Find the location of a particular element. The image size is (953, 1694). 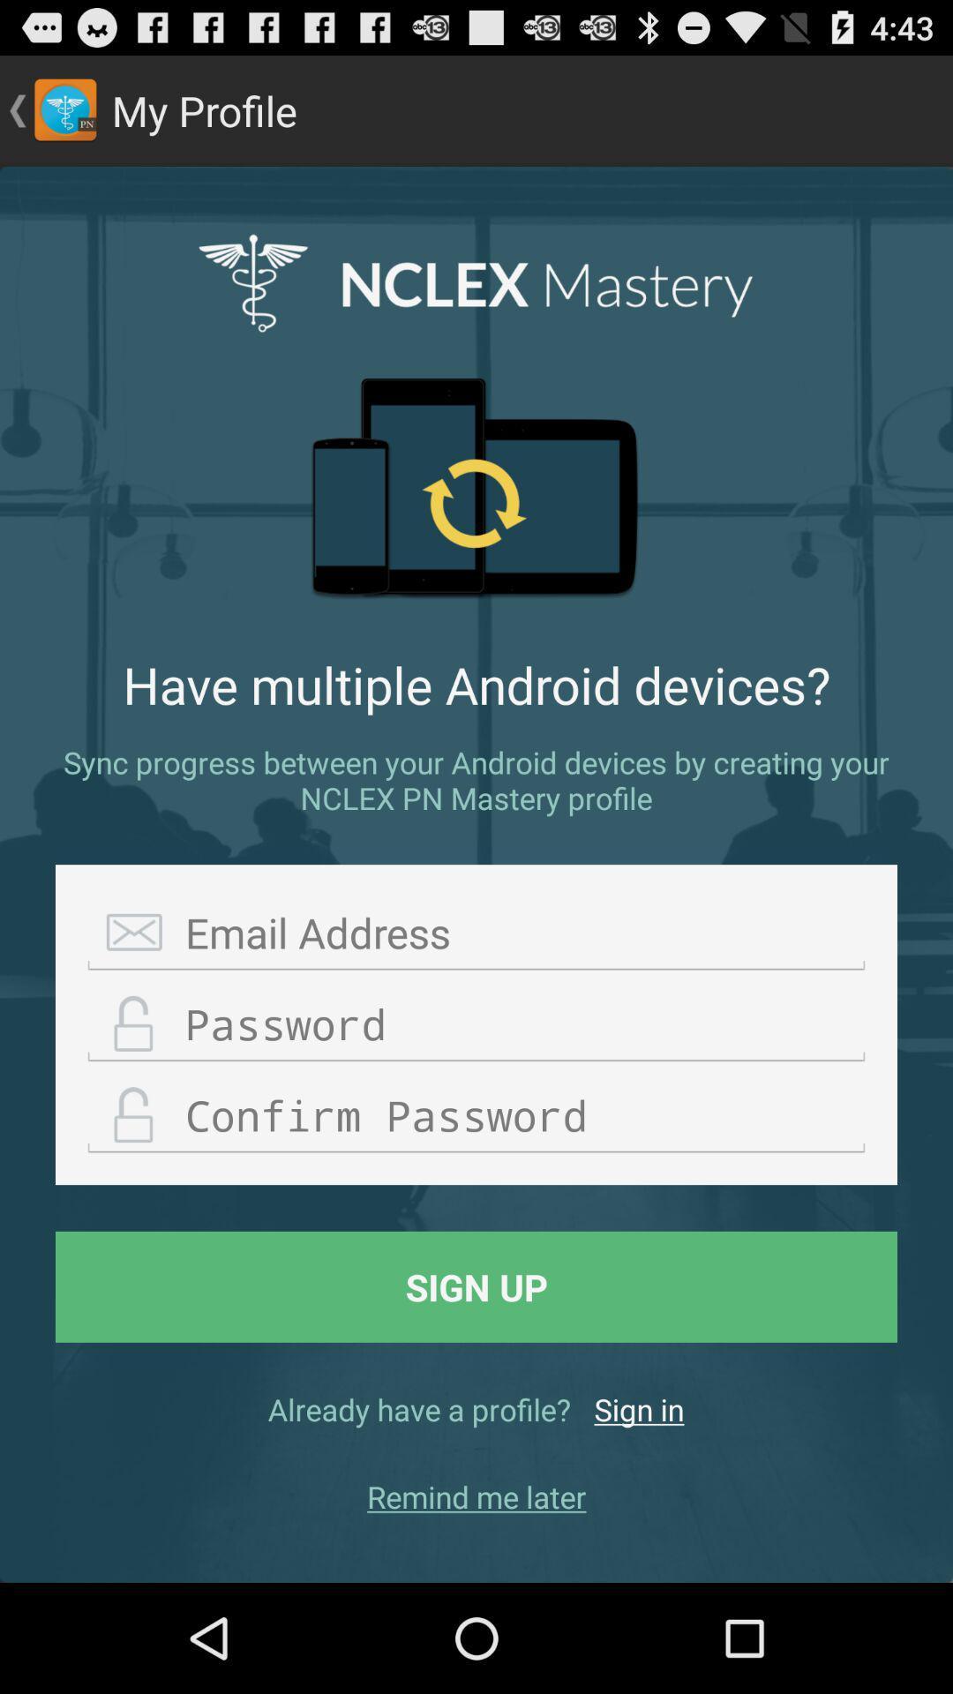

the app at the bottom right corner is located at coordinates (639, 1408).